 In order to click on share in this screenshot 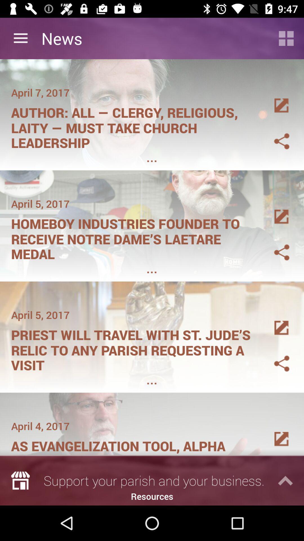, I will do `click(275, 246)`.